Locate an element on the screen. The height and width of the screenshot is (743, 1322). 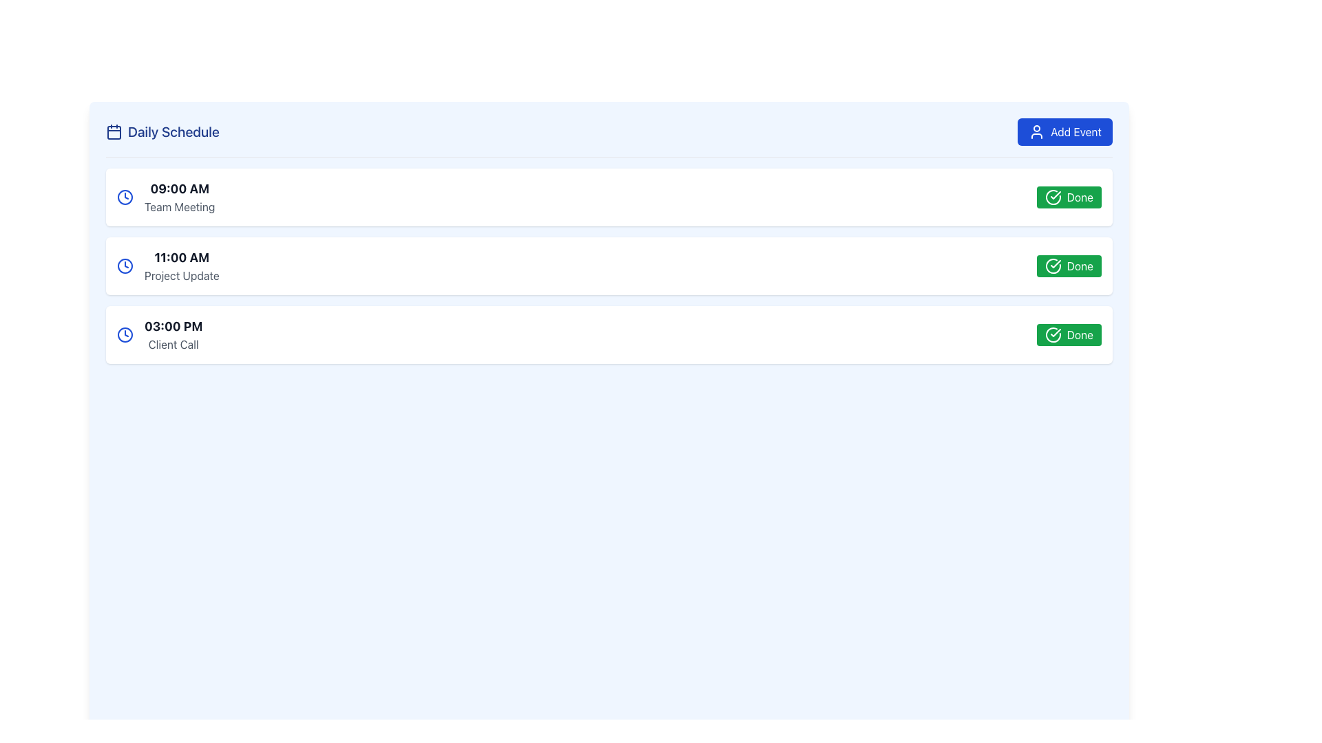
the checkmark icon on the 'Done' button of the first scheduled event in the top-most event card is located at coordinates (1055, 195).